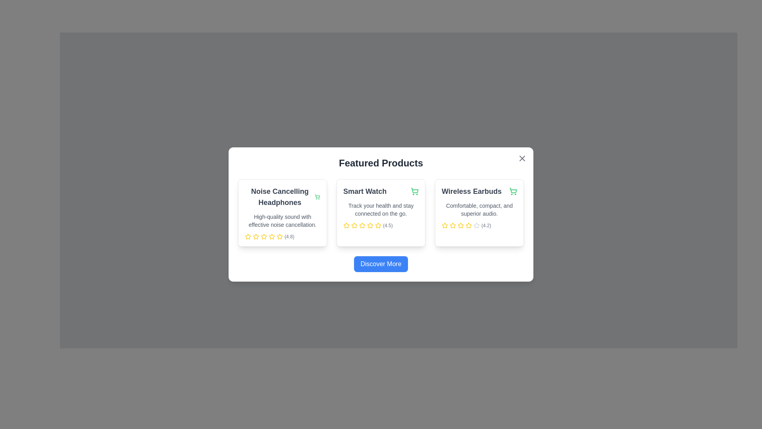 The image size is (762, 429). Describe the element at coordinates (264, 236) in the screenshot. I see `the mouse across the second star icon in the rating section of the 'Noise Cancelling Headphones' card` at that location.